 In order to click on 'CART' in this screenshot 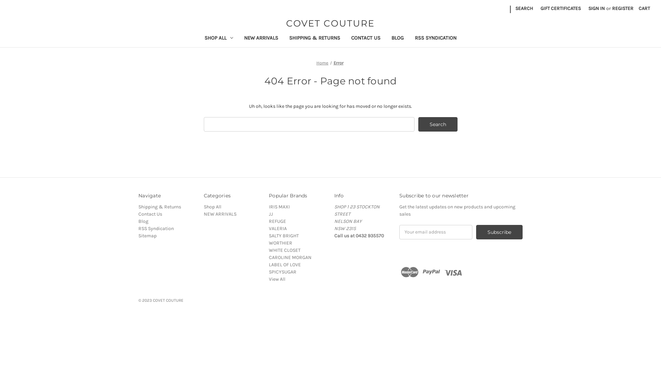, I will do `click(644, 8)`.